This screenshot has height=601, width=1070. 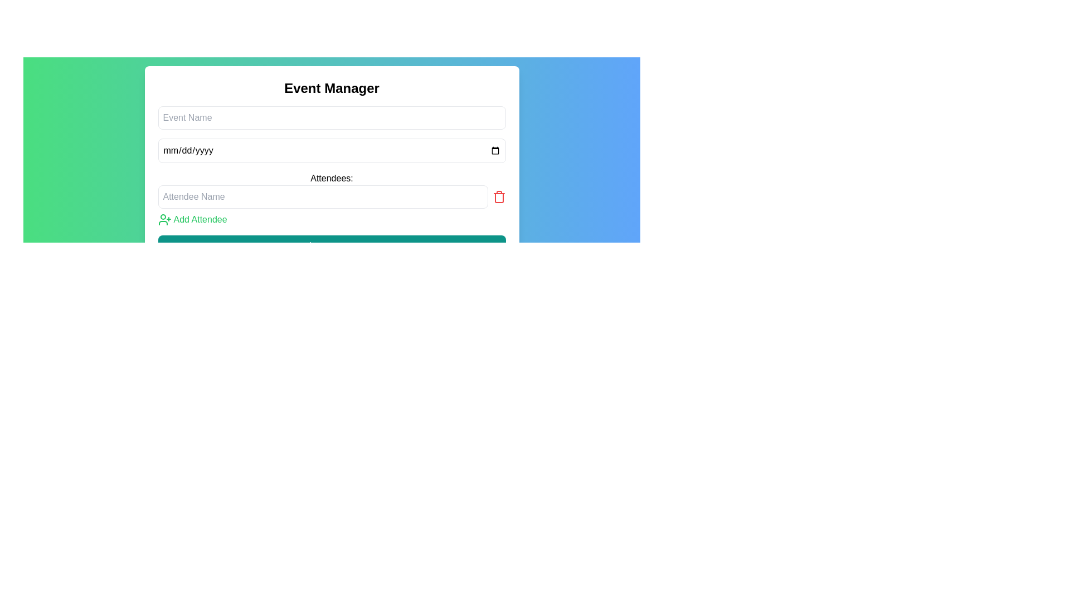 What do you see at coordinates (331, 178) in the screenshot?
I see `text label indicating the purpose of the attendee management section, which is located above the attendee input field in the 'Attendees' group` at bounding box center [331, 178].